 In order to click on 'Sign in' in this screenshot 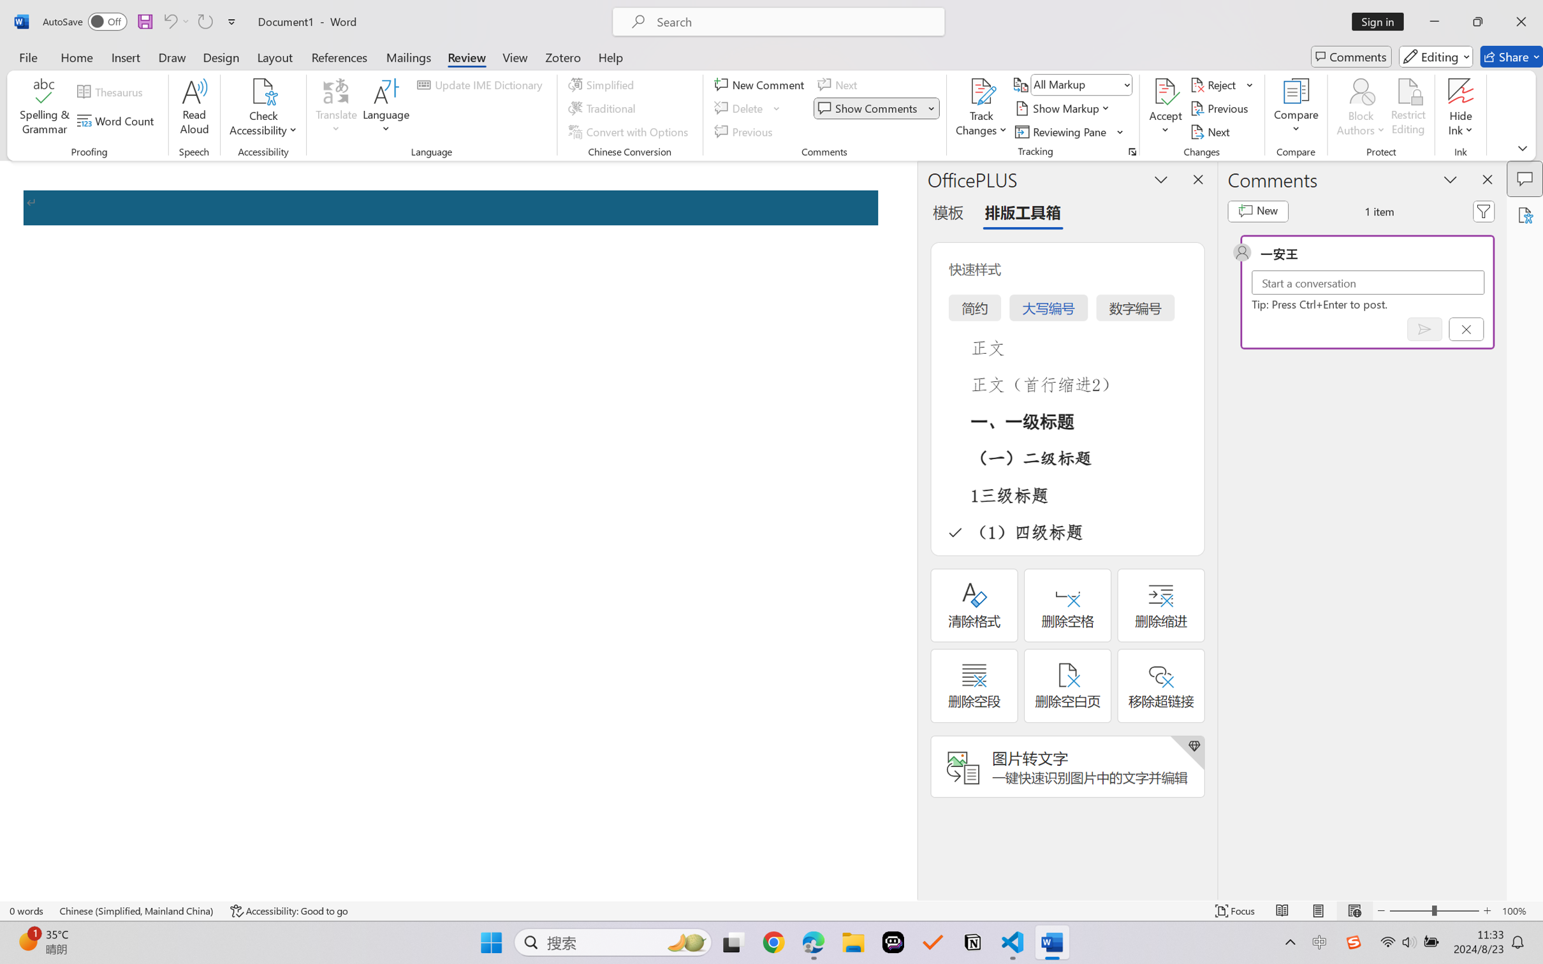, I will do `click(1382, 21)`.